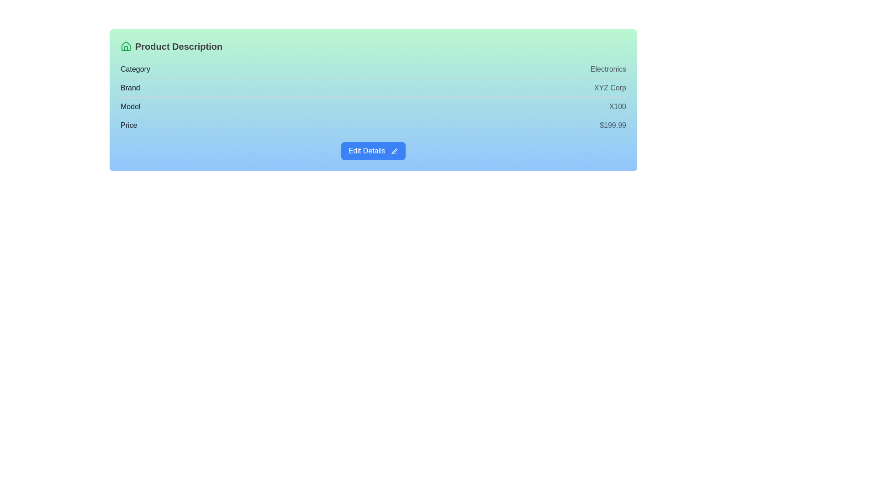  What do you see at coordinates (179, 46) in the screenshot?
I see `the Text Label that serves as a header for product details, located at the top-left section of the interface, next to a green house-shaped icon` at bounding box center [179, 46].